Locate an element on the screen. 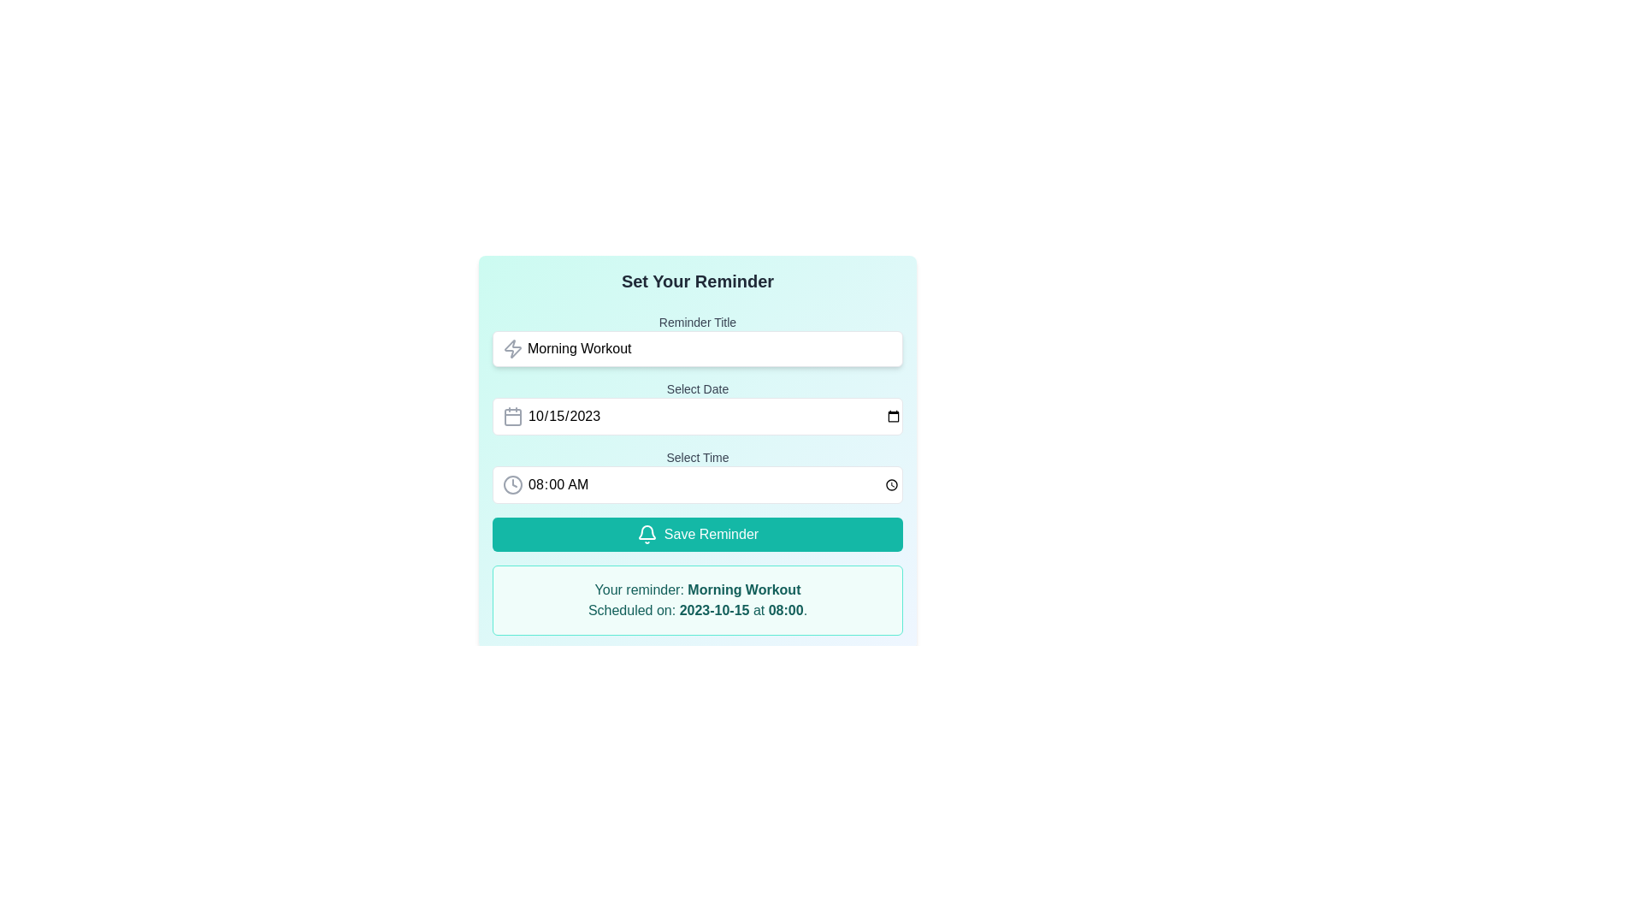 This screenshot has width=1642, height=924. the calendar icon located to the left of the 'Select Date' input field is located at coordinates (512, 416).